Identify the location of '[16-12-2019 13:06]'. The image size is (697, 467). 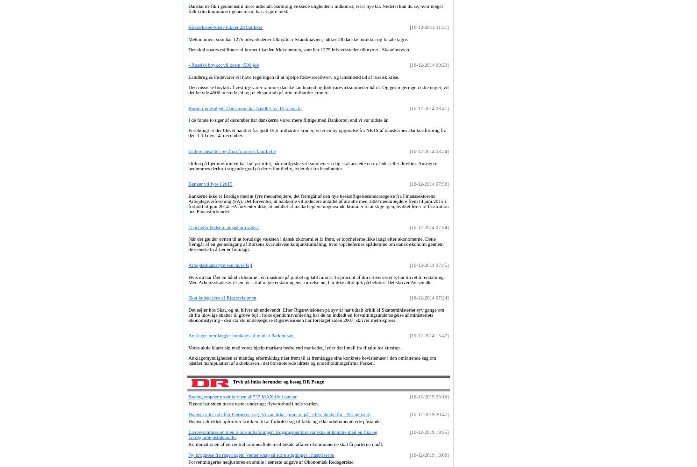
(429, 454).